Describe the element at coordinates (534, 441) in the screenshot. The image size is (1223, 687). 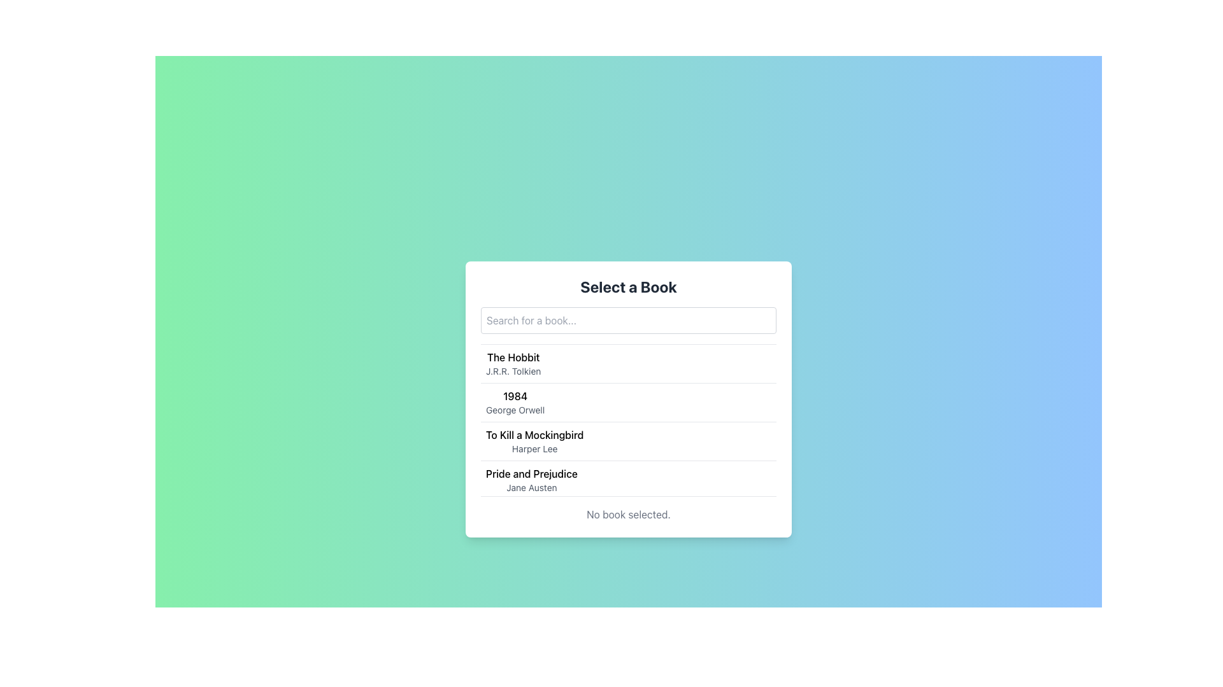
I see `the list item displaying the book title 'To Kill a Mockingbird' and author 'Harper Lee'` at that location.